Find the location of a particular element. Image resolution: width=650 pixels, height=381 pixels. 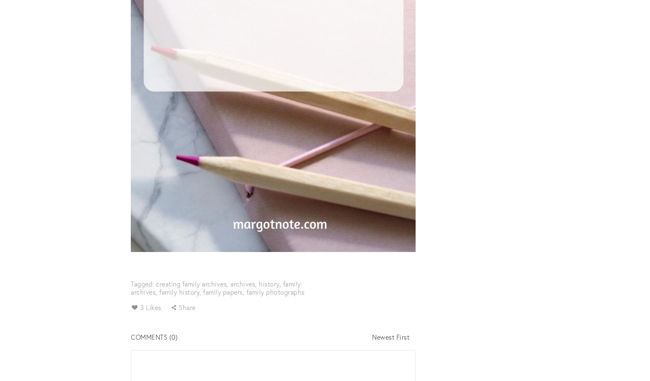

'Share' is located at coordinates (186, 307).